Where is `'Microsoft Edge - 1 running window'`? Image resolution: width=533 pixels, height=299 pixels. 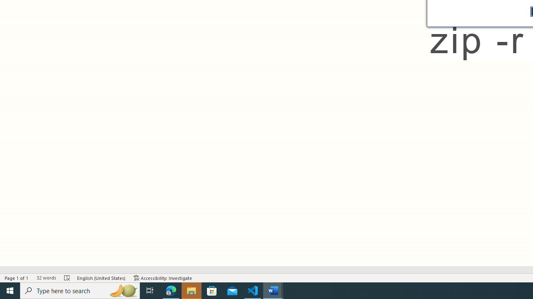
'Microsoft Edge - 1 running window' is located at coordinates (171, 290).